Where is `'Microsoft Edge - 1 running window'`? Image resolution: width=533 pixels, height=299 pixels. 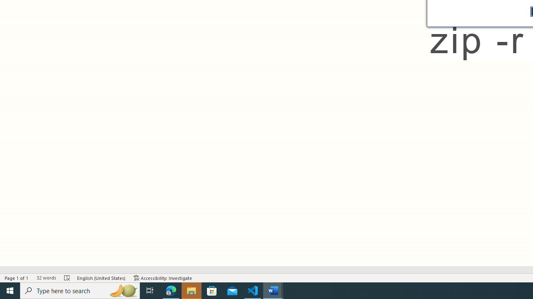
'Microsoft Edge - 1 running window' is located at coordinates (171, 290).